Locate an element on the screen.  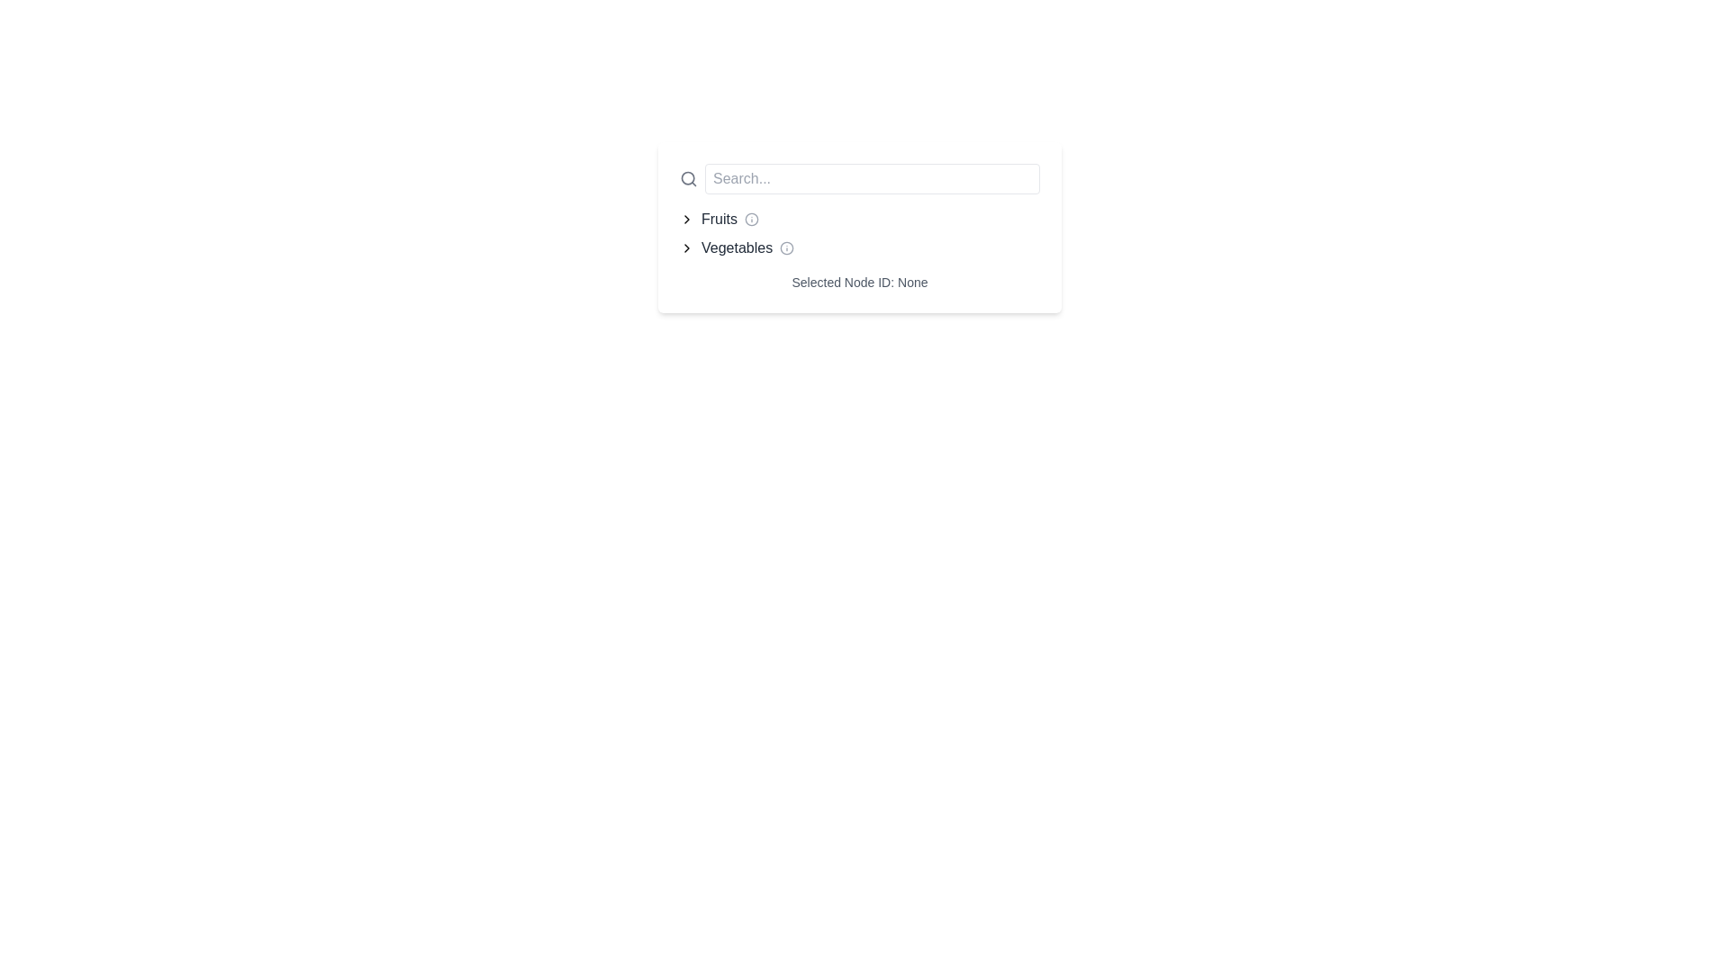
the right-pointing arrow icon button located to the left of the 'Fruits' text is located at coordinates (686, 218).